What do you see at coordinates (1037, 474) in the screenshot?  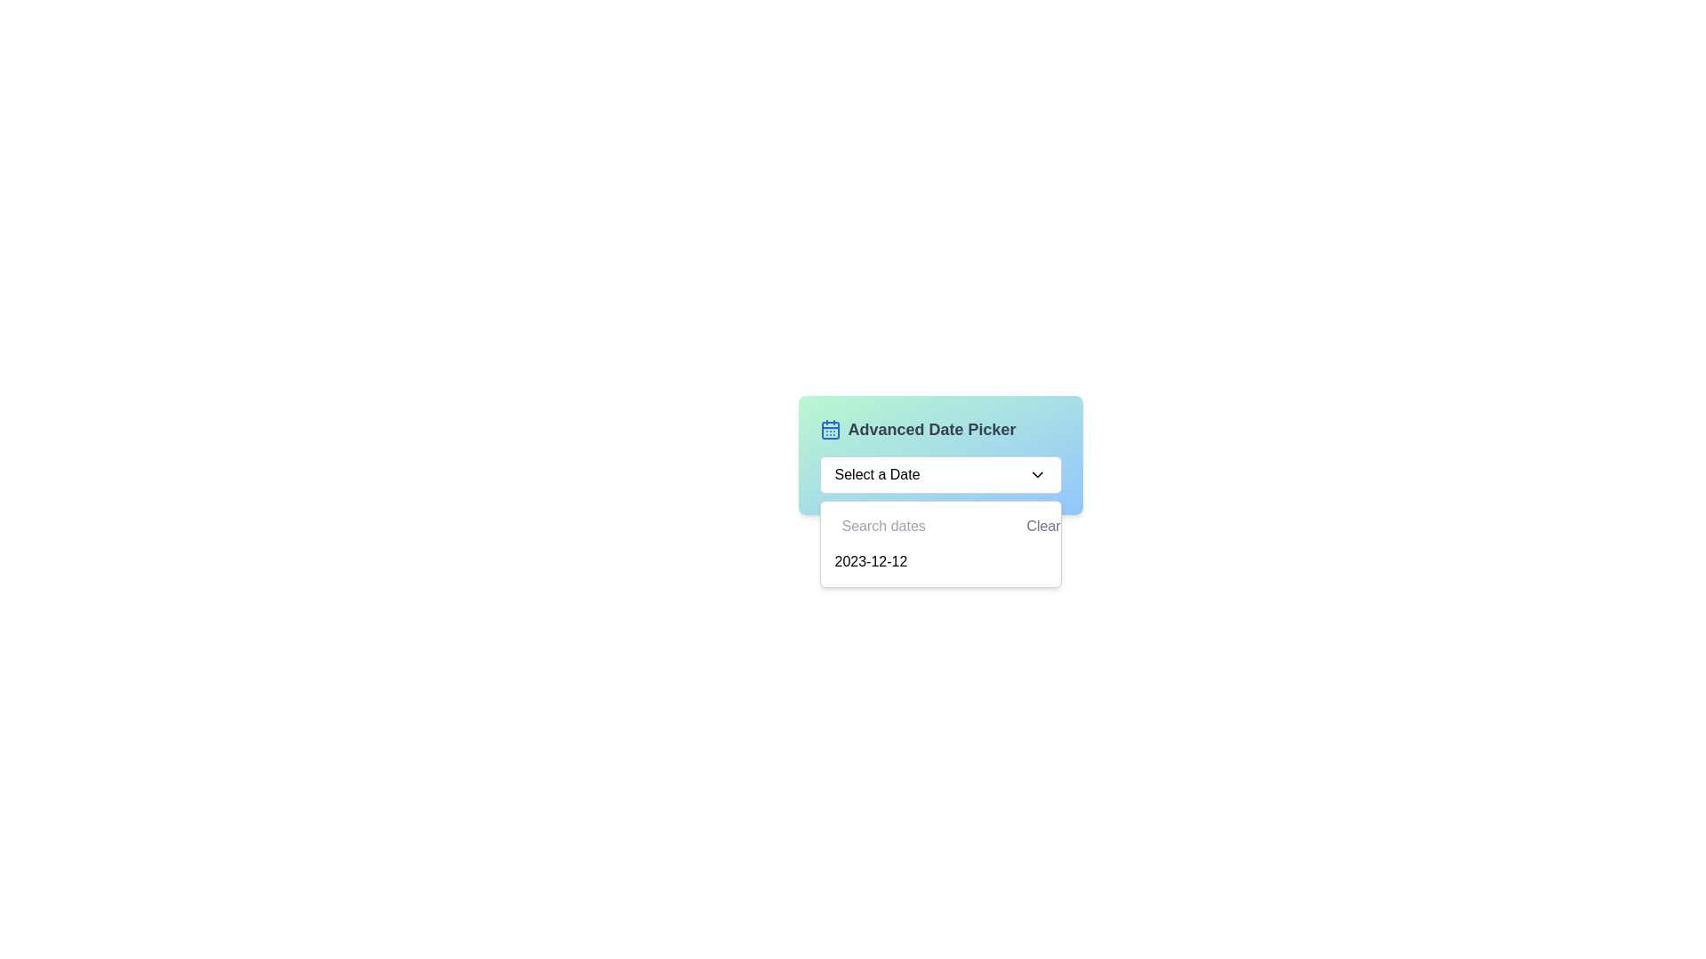 I see `the icon` at bounding box center [1037, 474].